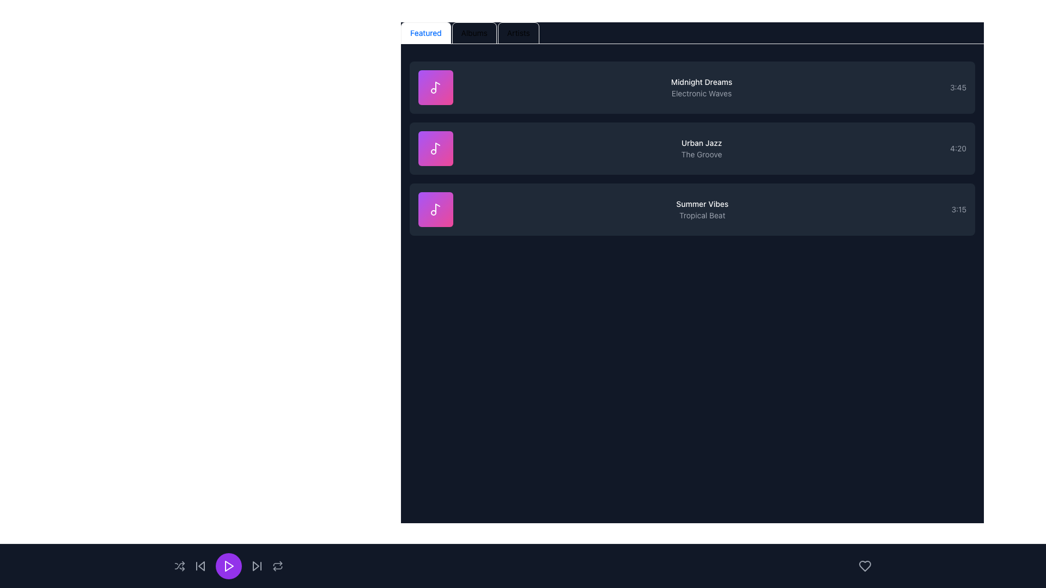  Describe the element at coordinates (180, 566) in the screenshot. I see `the shuffle icon, which is represented by crossing arrows and located in the bottom-left section of the interface` at that location.